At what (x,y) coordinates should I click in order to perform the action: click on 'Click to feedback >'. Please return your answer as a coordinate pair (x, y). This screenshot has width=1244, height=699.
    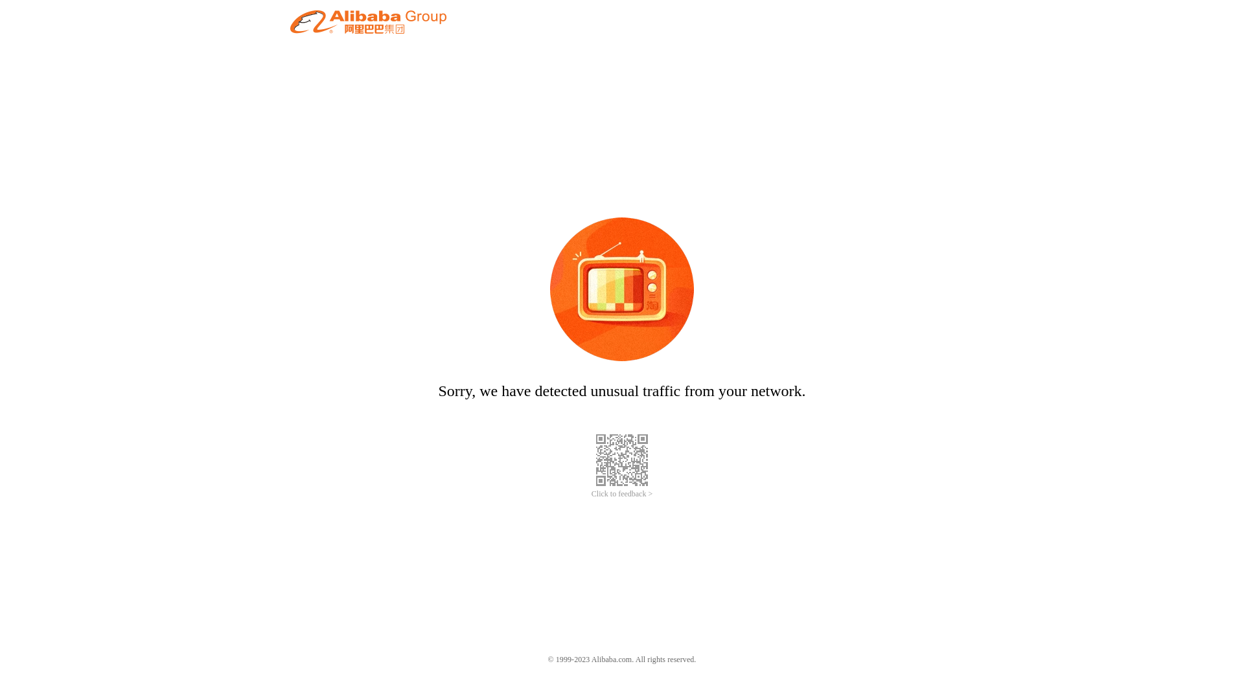
    Looking at the image, I should click on (622, 494).